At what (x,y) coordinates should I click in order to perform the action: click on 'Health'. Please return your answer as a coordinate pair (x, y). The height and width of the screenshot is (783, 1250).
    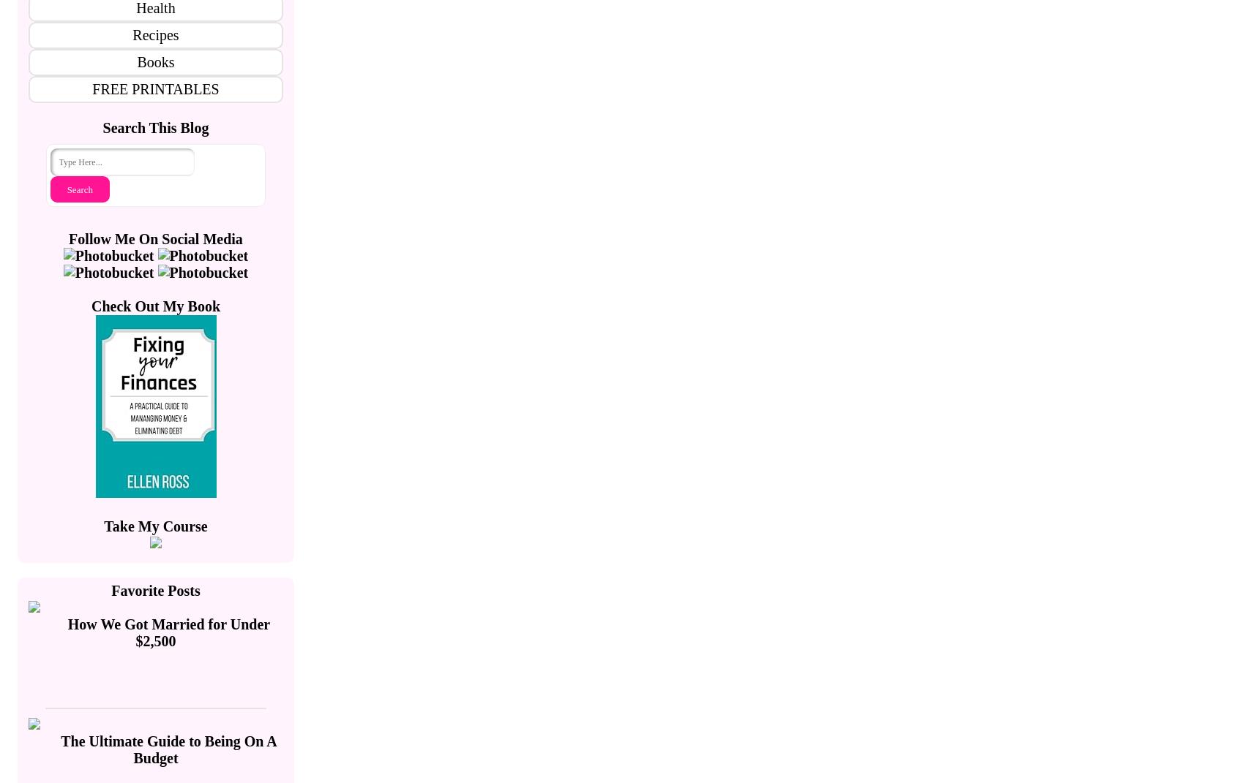
    Looking at the image, I should click on (136, 7).